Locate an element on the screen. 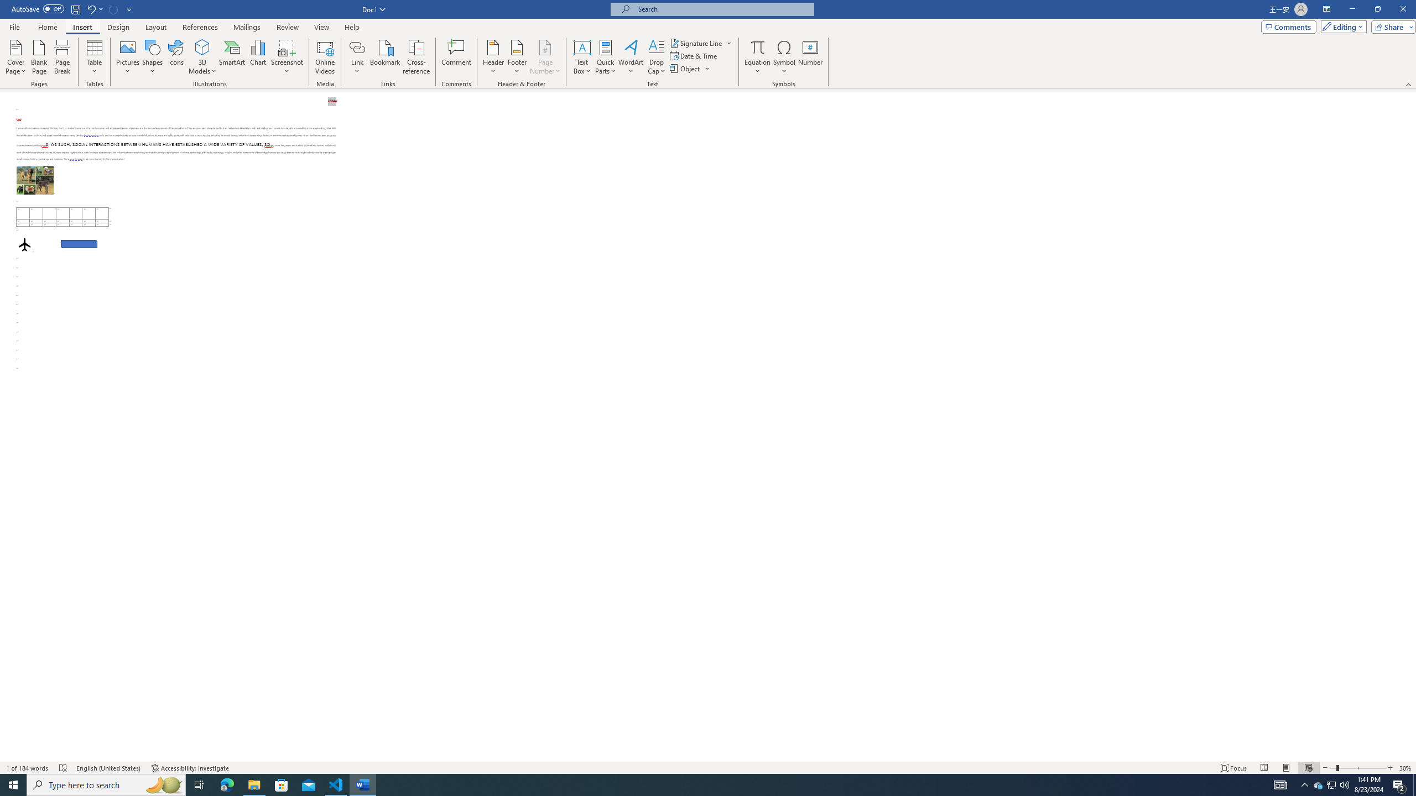  'Class: NetUIScrollBar' is located at coordinates (1411, 425).